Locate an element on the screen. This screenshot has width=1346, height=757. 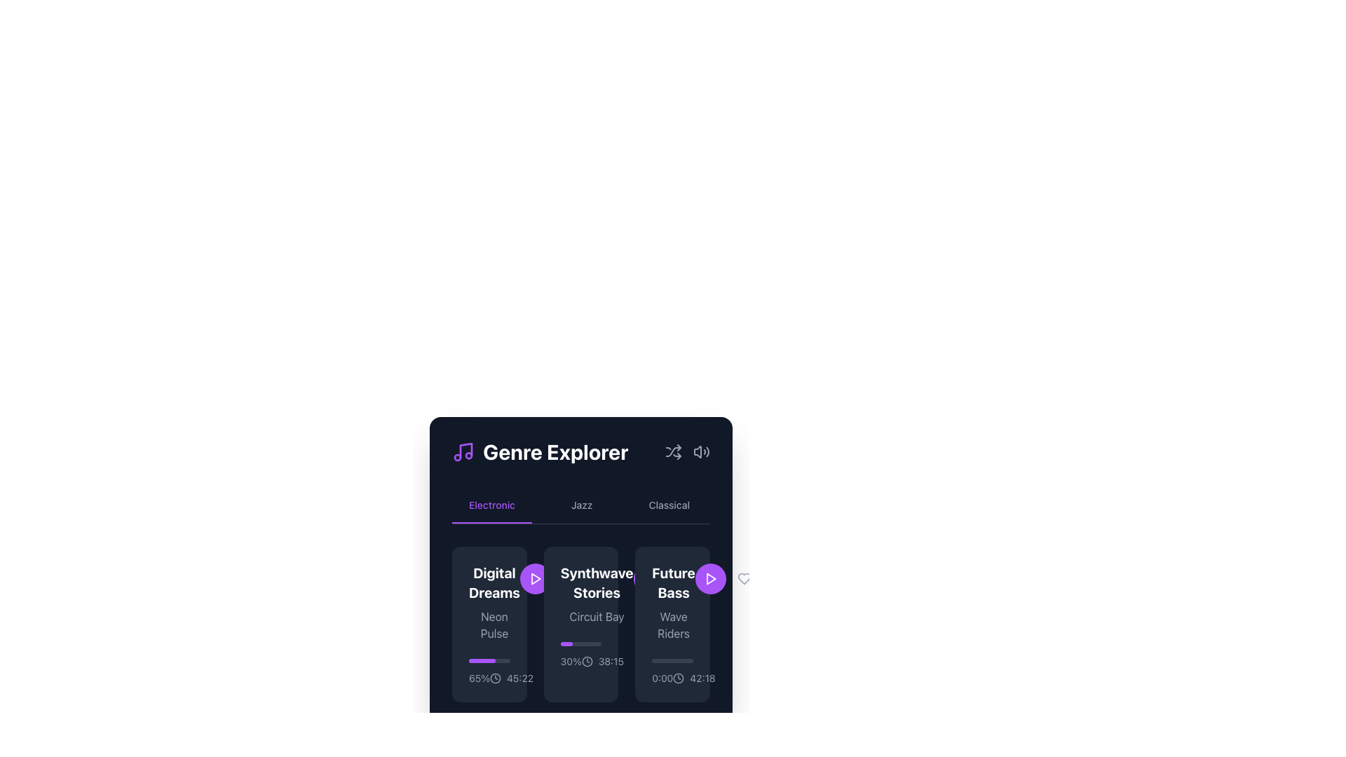
the 'Jazz' genre tab, which is the second option in the horizontal list of genre tabs, to change the genre to Jazz is located at coordinates (582, 505).